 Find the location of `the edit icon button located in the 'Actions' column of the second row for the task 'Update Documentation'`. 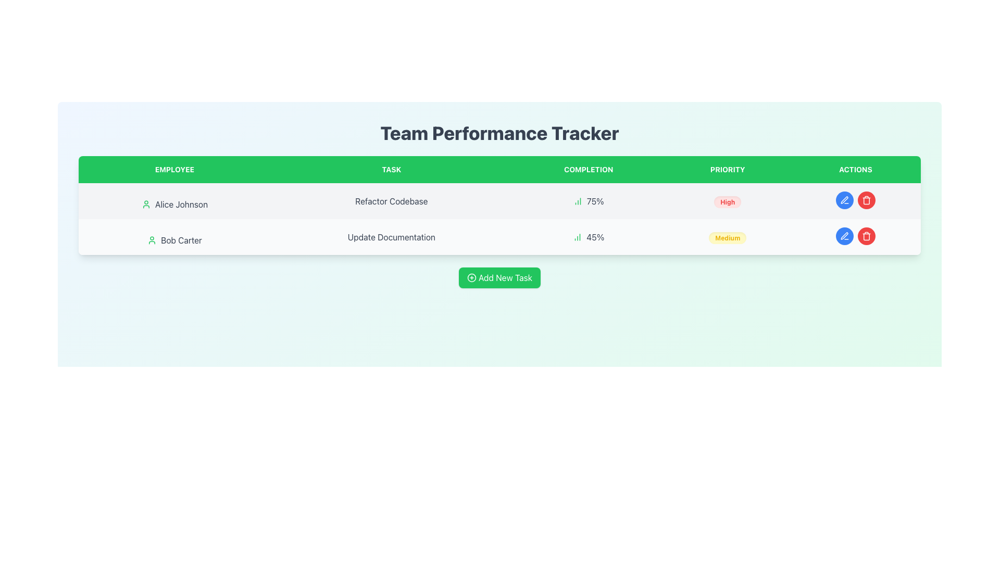

the edit icon button located in the 'Actions' column of the second row for the task 'Update Documentation' is located at coordinates (844, 236).